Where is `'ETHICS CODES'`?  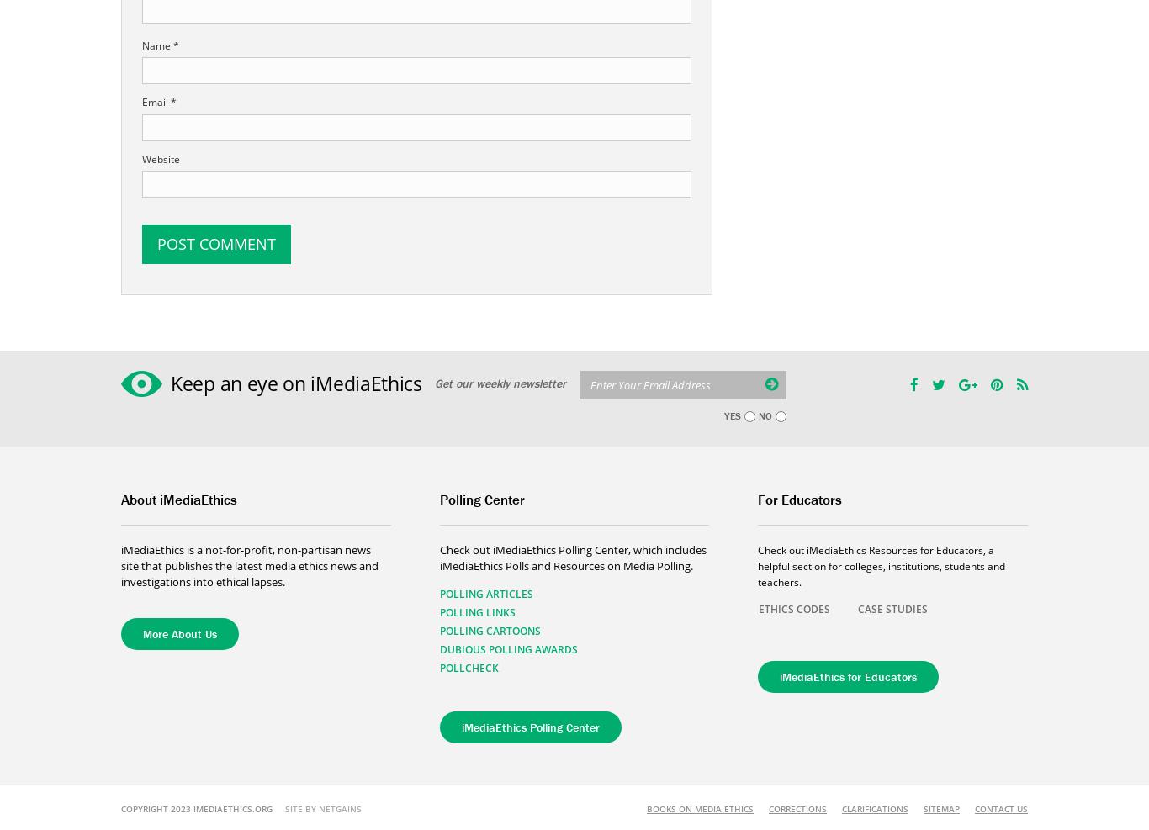 'ETHICS CODES' is located at coordinates (794, 608).